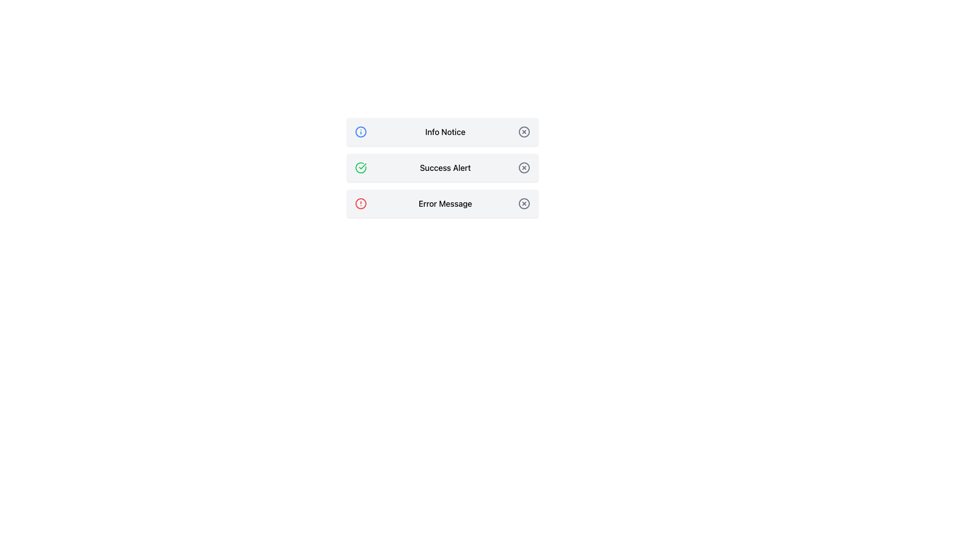 This screenshot has height=538, width=956. Describe the element at coordinates (445, 167) in the screenshot. I see `the text label element that indicates the success status of the alert, located immediately to the right of the success icon` at that location.